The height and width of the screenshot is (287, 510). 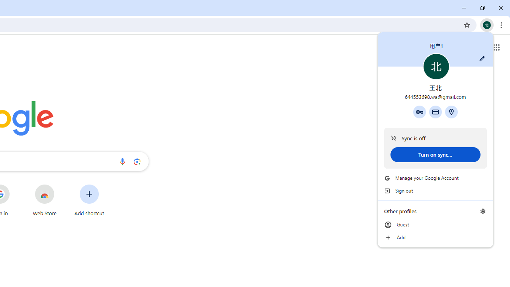 I want to click on 'Web Store', so click(x=44, y=200).